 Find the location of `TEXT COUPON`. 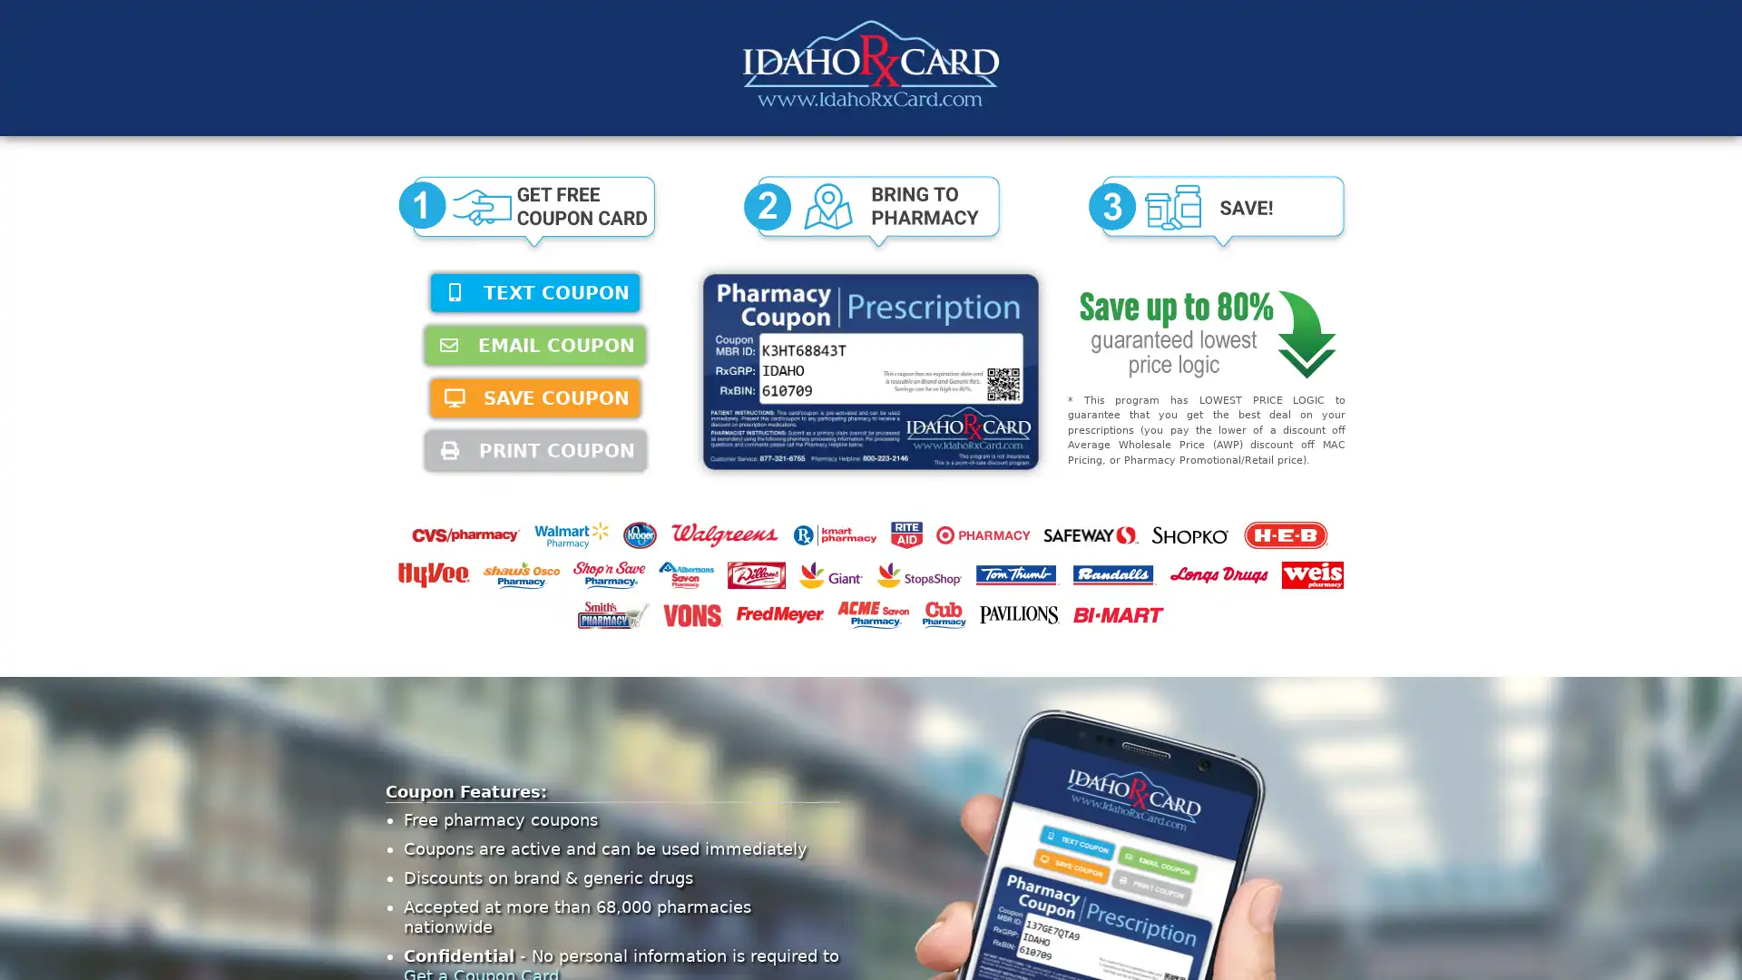

TEXT COUPON is located at coordinates (534, 292).